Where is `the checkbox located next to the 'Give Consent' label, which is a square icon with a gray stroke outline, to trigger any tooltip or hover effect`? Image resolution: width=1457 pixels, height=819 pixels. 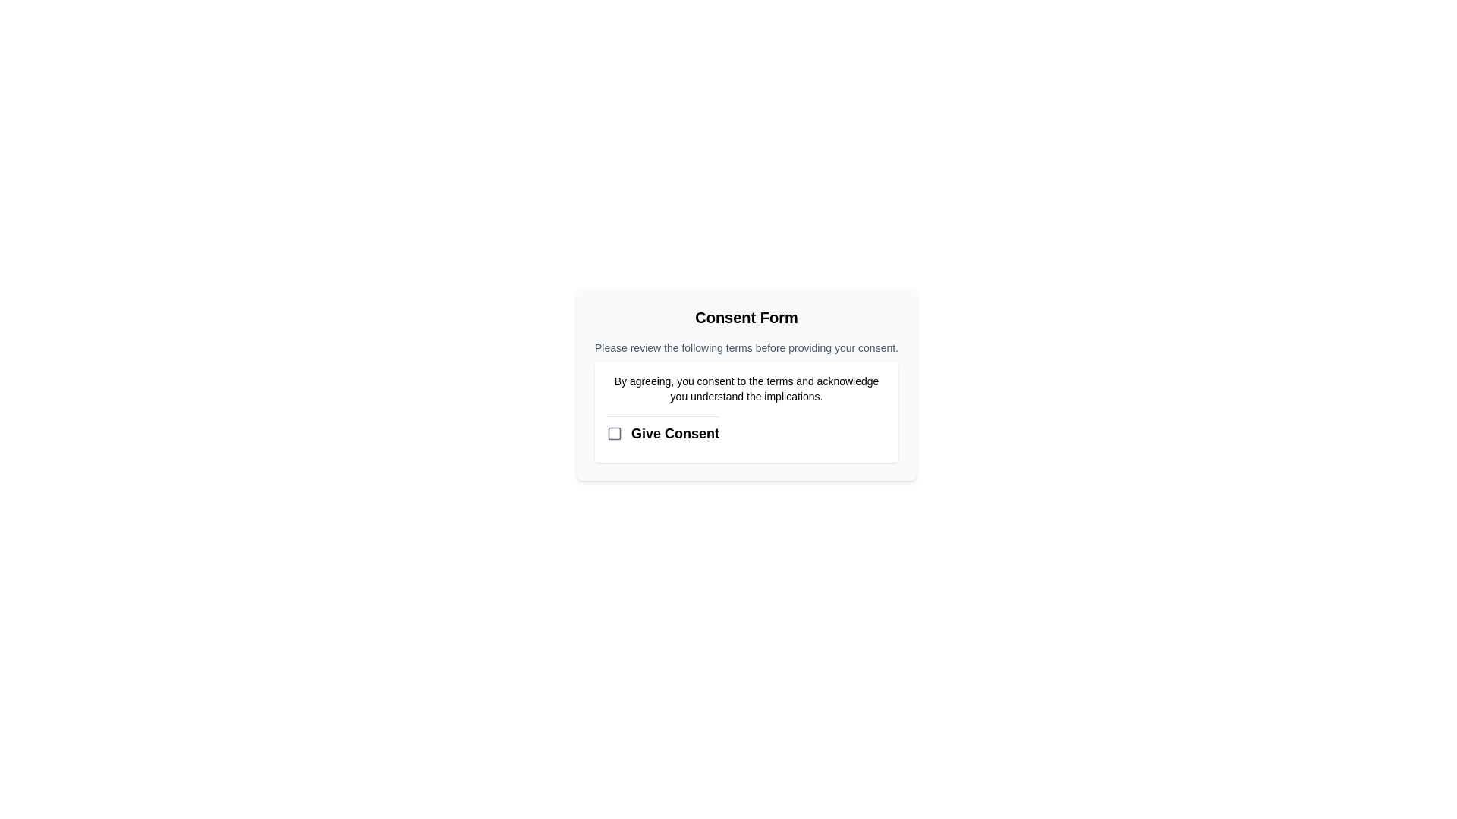
the checkbox located next to the 'Give Consent' label, which is a square icon with a gray stroke outline, to trigger any tooltip or hover effect is located at coordinates (615, 433).